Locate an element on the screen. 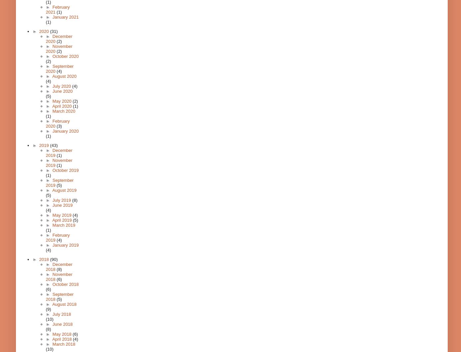 Image resolution: width=461 pixels, height=352 pixels. 'June 2020' is located at coordinates (62, 91).